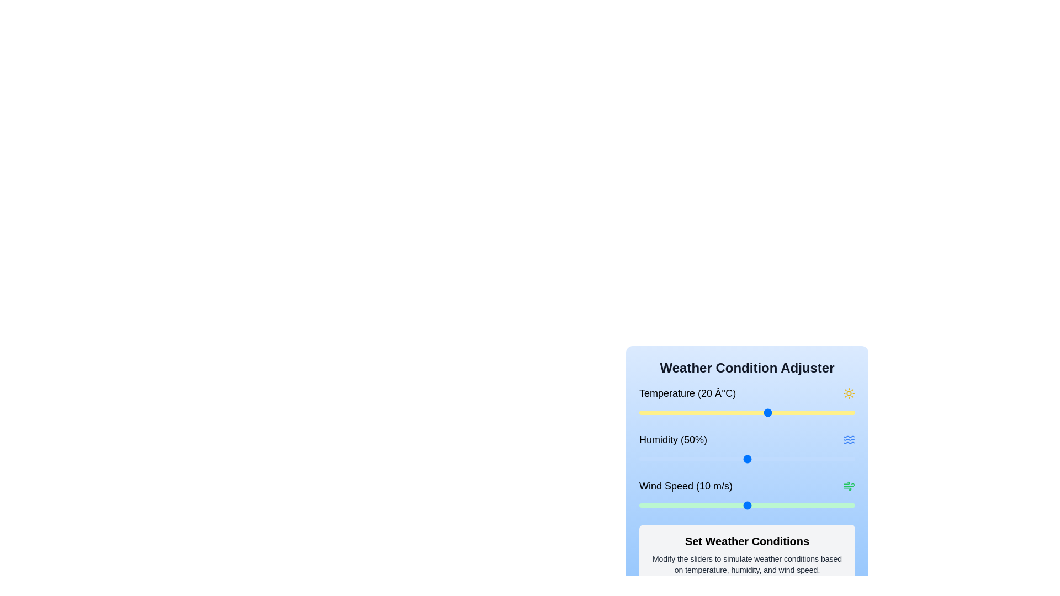 This screenshot has height=596, width=1060. Describe the element at coordinates (703, 505) in the screenshot. I see `the wind speed slider to set the wind speed to 6 m/s` at that location.